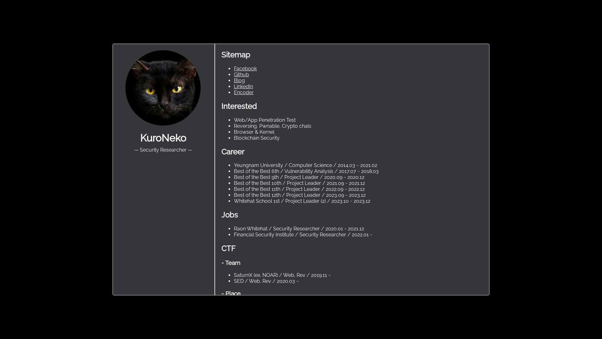  Describe the element at coordinates (245, 68) in the screenshot. I see `'Facebook'` at that location.